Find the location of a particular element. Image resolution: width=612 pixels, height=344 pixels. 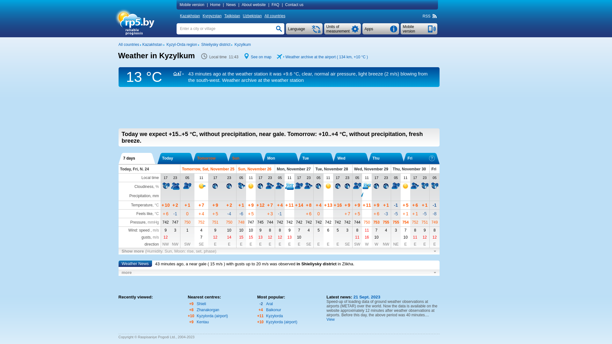

'See on map' is located at coordinates (261, 56).